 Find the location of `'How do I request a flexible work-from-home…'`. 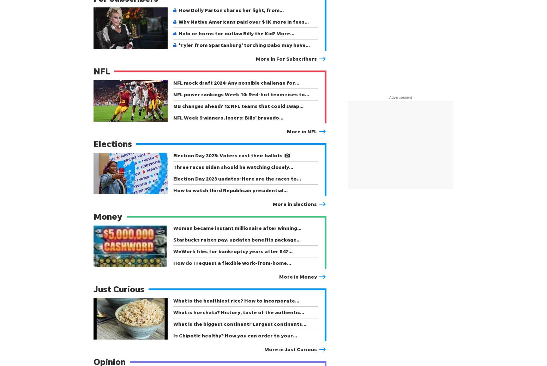

'How do I request a flexible work-from-home…' is located at coordinates (232, 262).